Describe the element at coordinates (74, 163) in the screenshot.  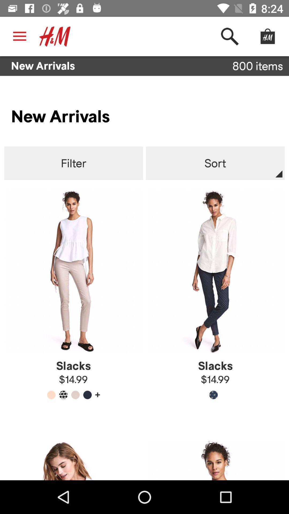
I see `the item to the left of the sort icon` at that location.